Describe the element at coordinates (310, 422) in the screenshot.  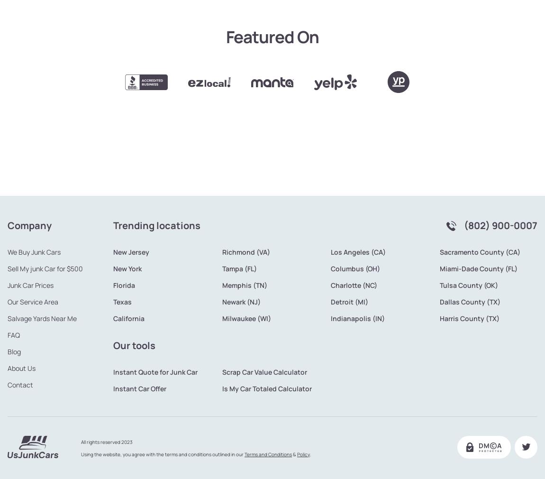
I see `'.'` at that location.